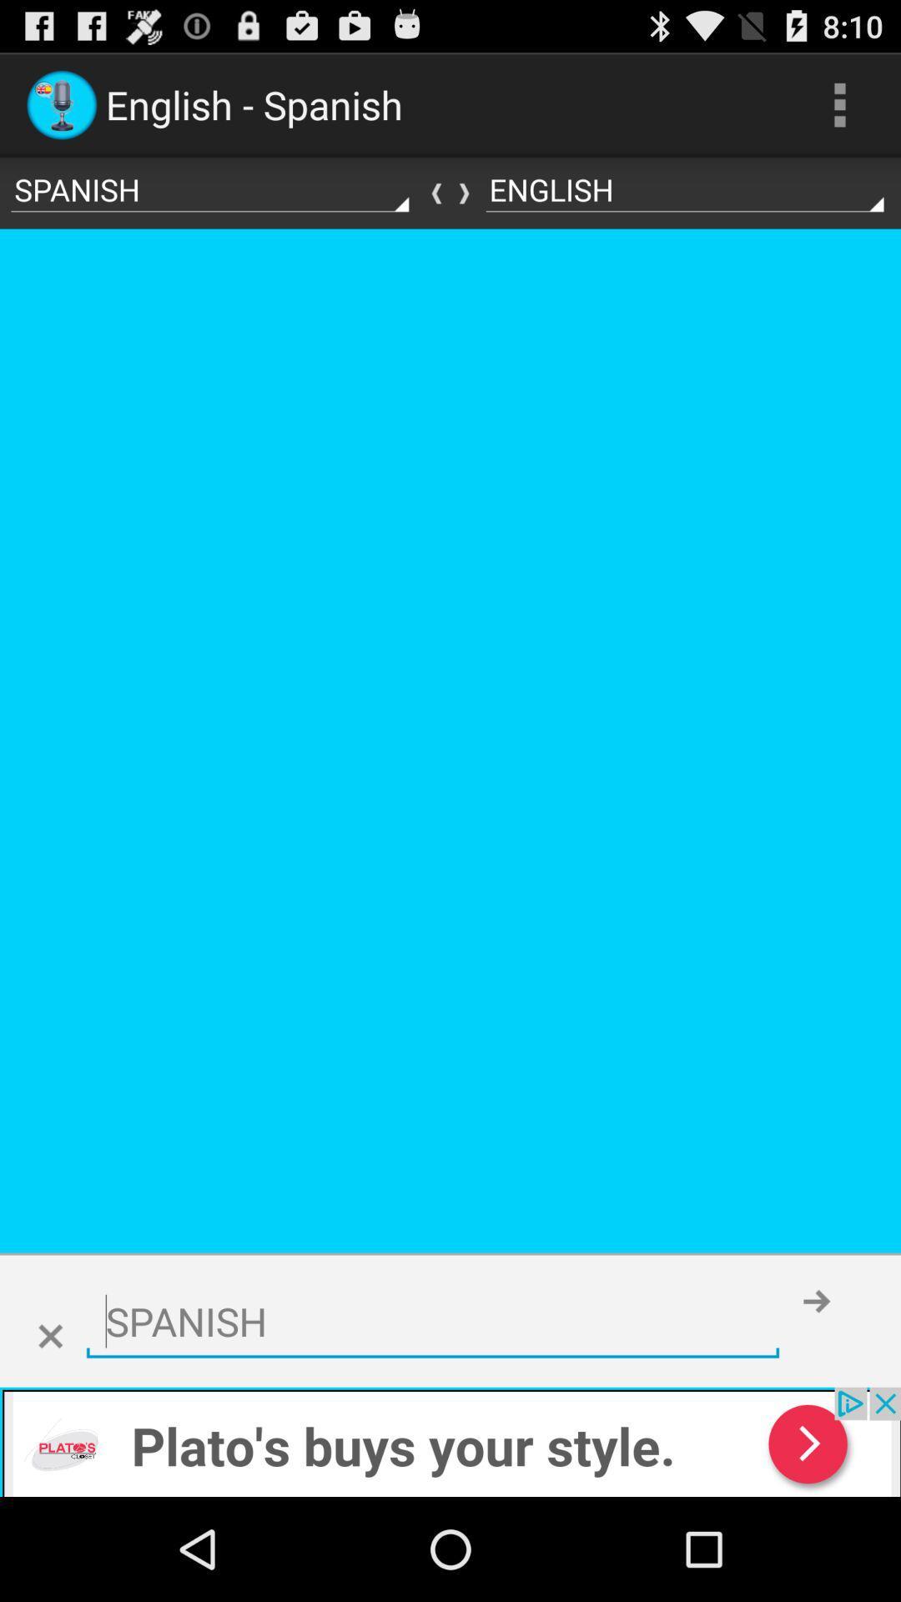 This screenshot has width=901, height=1602. I want to click on button, so click(49, 1337).